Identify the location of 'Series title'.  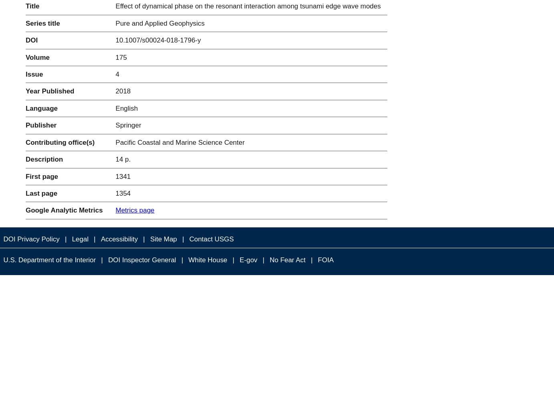
(25, 23).